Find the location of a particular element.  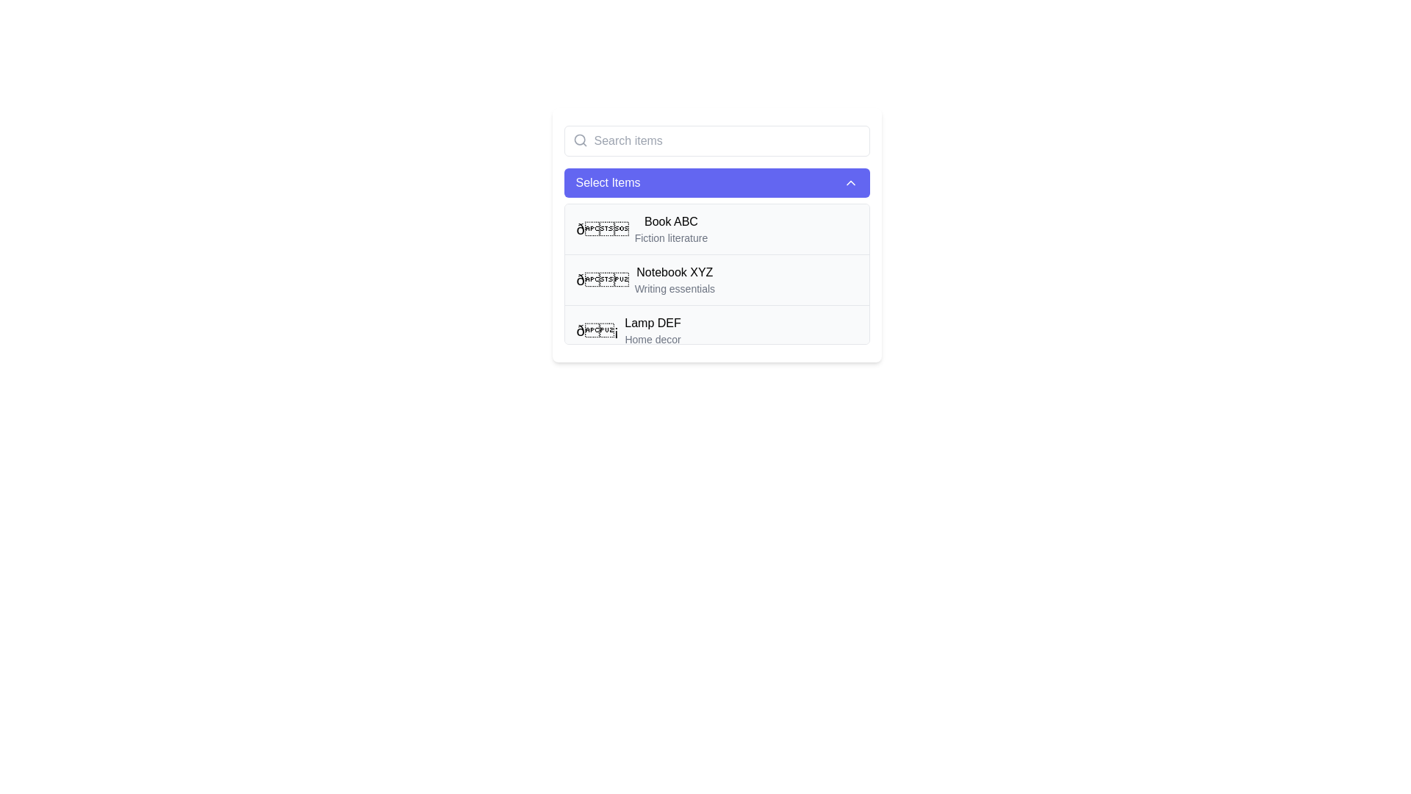

the non-interactive text label or subtitle located below the 'Lamp DEF' label, which provides additional context for the list item is located at coordinates (652, 340).